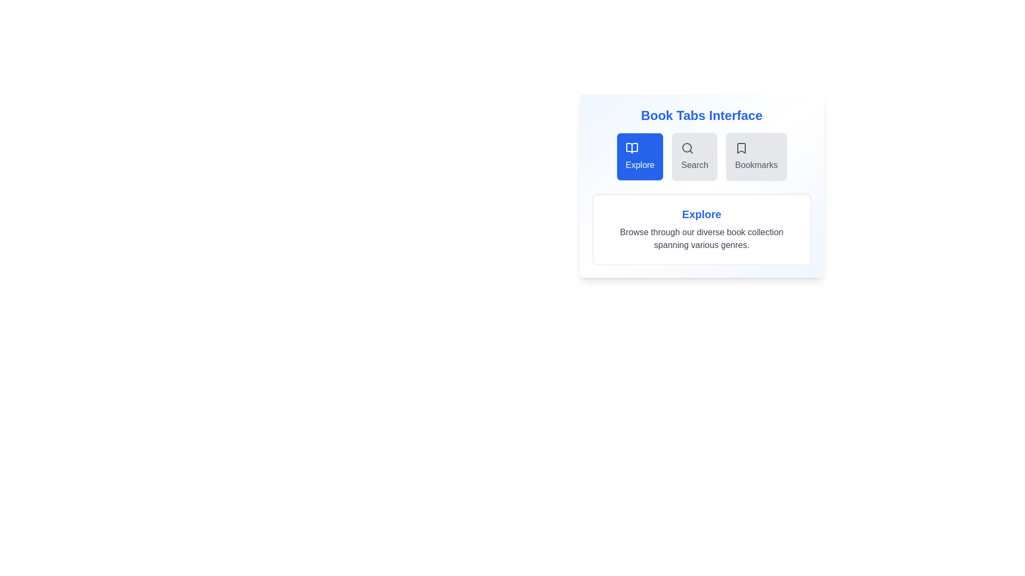 The width and height of the screenshot is (1025, 576). What do you see at coordinates (640, 156) in the screenshot?
I see `the Explore tab to trigger its hover effect` at bounding box center [640, 156].